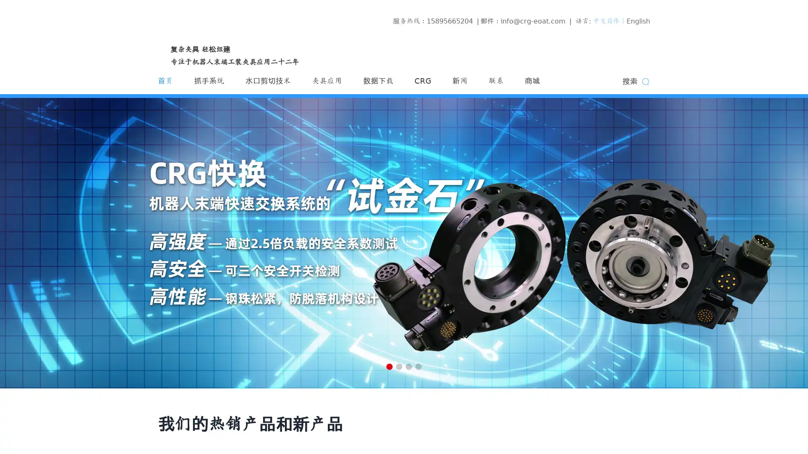 This screenshot has width=808, height=454. I want to click on Go to slide 4, so click(418, 366).